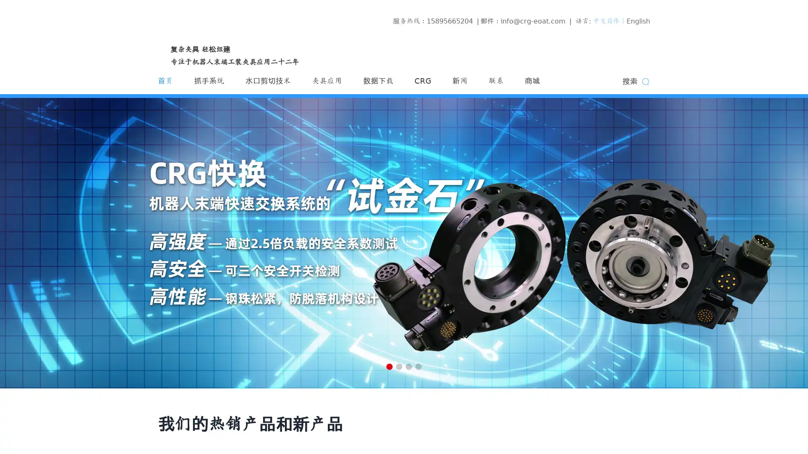 This screenshot has width=808, height=454. I want to click on Go to slide 4, so click(418, 366).